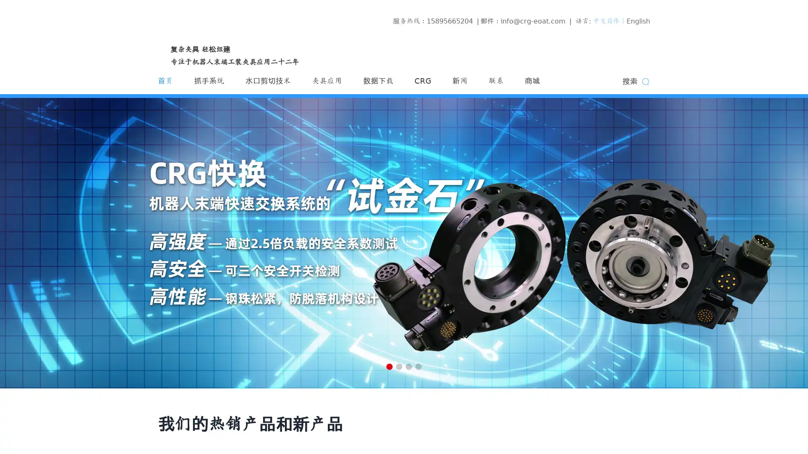 This screenshot has width=808, height=454. I want to click on Go to slide 4, so click(418, 366).